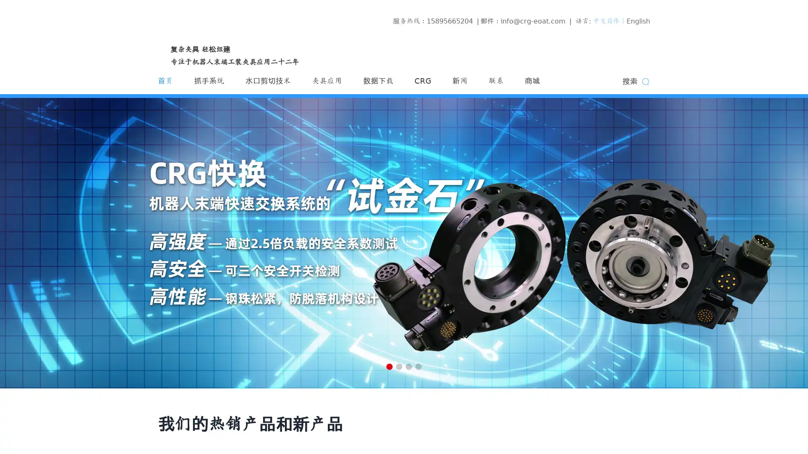 This screenshot has width=808, height=454. I want to click on Go to slide 4, so click(418, 366).